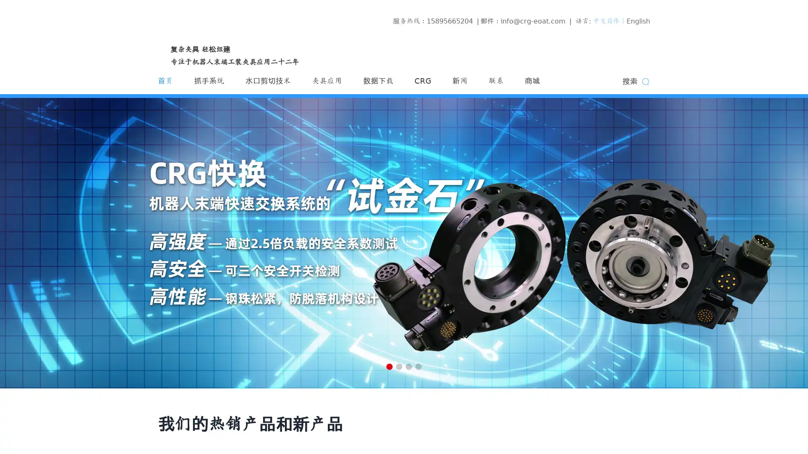 This screenshot has width=808, height=454. I want to click on Go to slide 4, so click(418, 366).